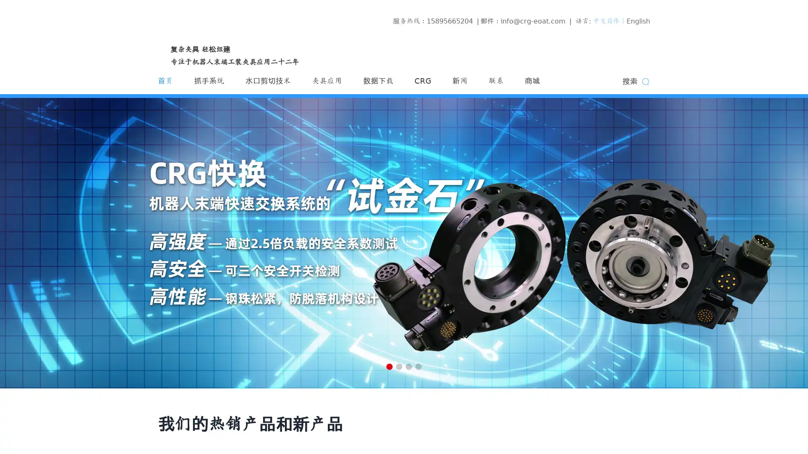 This screenshot has width=808, height=454. I want to click on Go to slide 4, so click(418, 366).